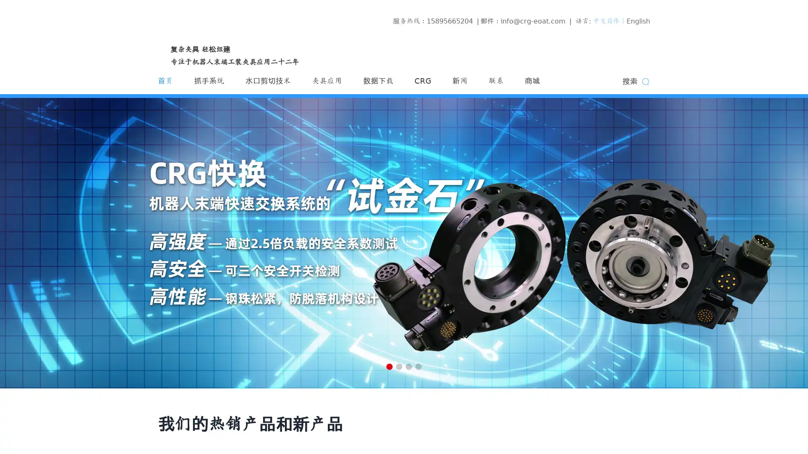 This screenshot has width=808, height=454. I want to click on Go to slide 4, so click(418, 366).